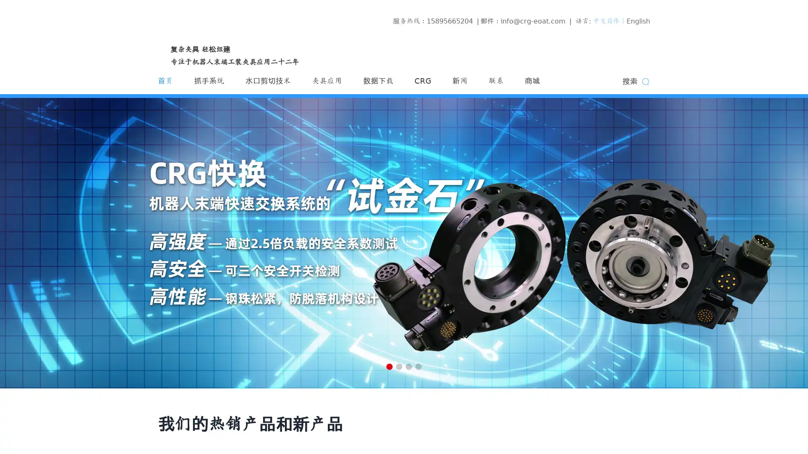 This screenshot has width=808, height=454. I want to click on Go to slide 4, so click(418, 366).